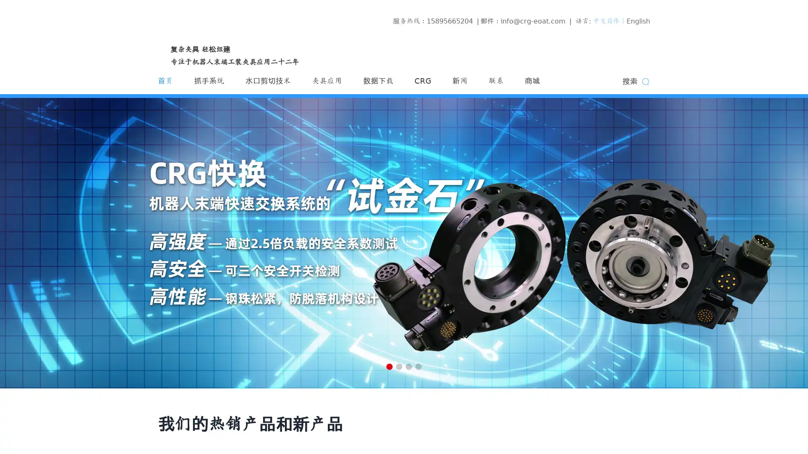 This screenshot has width=808, height=454. I want to click on Go to slide 4, so click(418, 366).